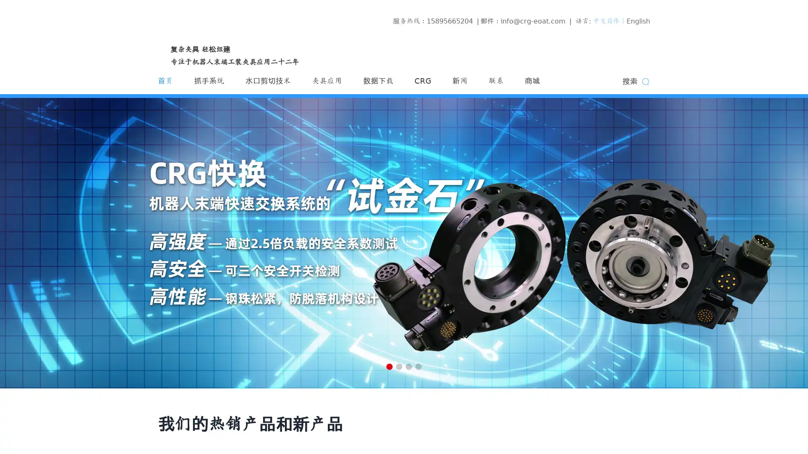 This screenshot has width=808, height=454. I want to click on Go to slide 4, so click(418, 366).